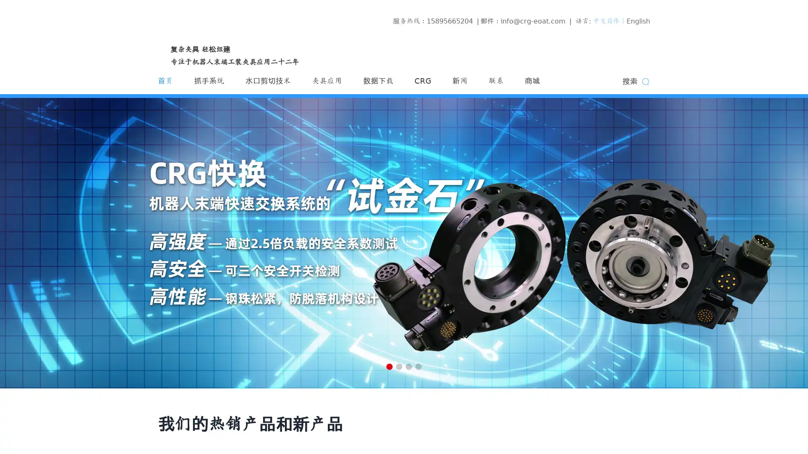 This screenshot has width=808, height=454. I want to click on Go to slide 4, so click(418, 366).